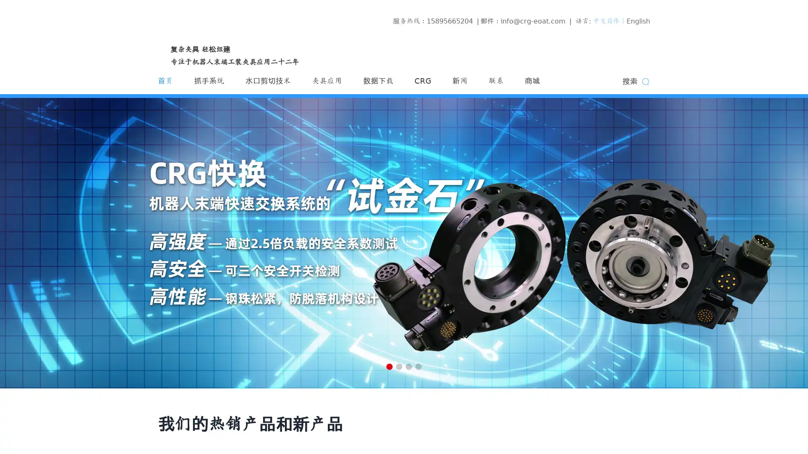 This screenshot has width=808, height=454. I want to click on Go to slide 4, so click(418, 366).